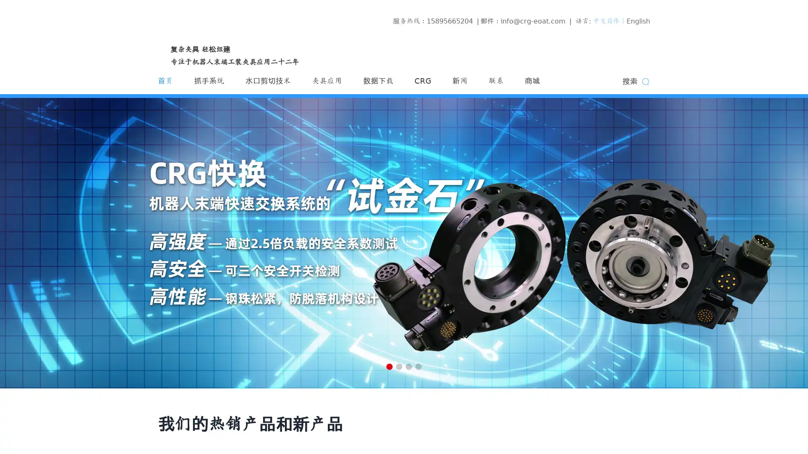 This screenshot has width=808, height=454. I want to click on Go to slide 4, so click(418, 366).